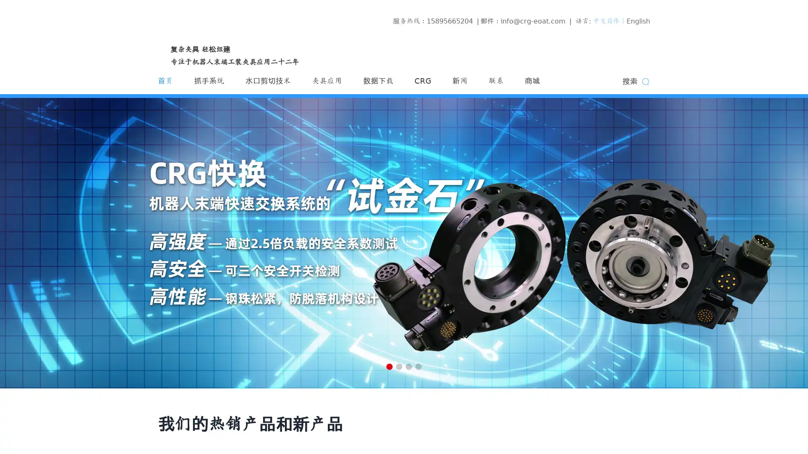 This screenshot has width=808, height=454. I want to click on Go to slide 4, so click(418, 366).